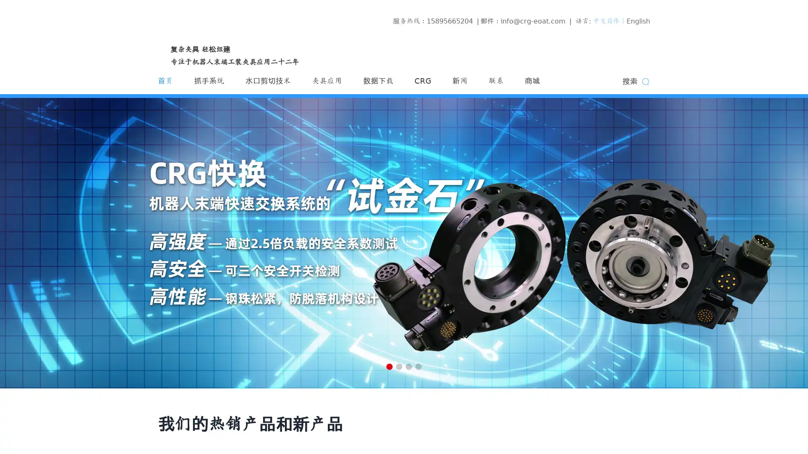 This screenshot has width=808, height=454. I want to click on Go to slide 4, so click(418, 366).